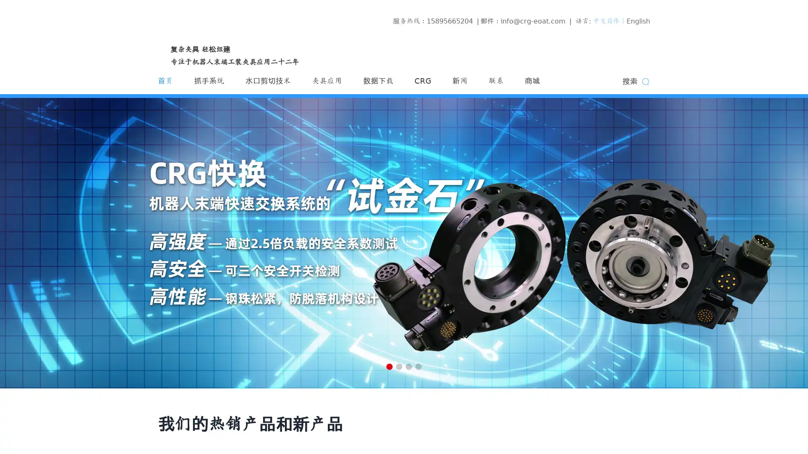 This screenshot has width=808, height=454. I want to click on Go to slide 4, so click(418, 366).